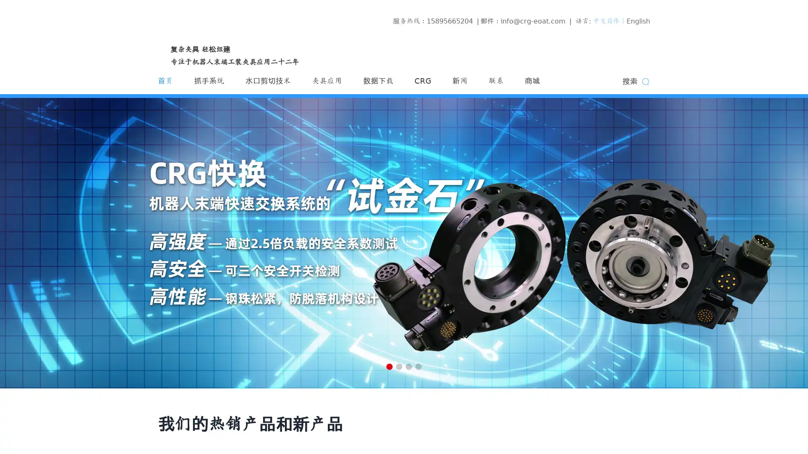 This screenshot has width=808, height=454. I want to click on Go to slide 4, so click(418, 366).